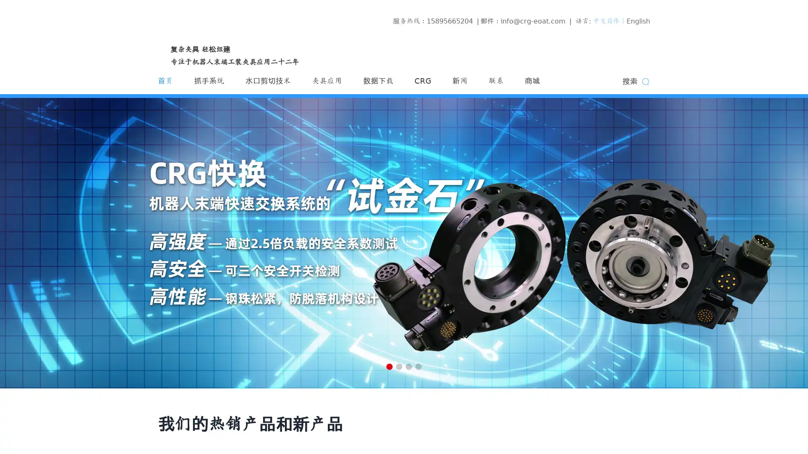 This screenshot has width=808, height=454. I want to click on Go to slide 4, so click(418, 366).